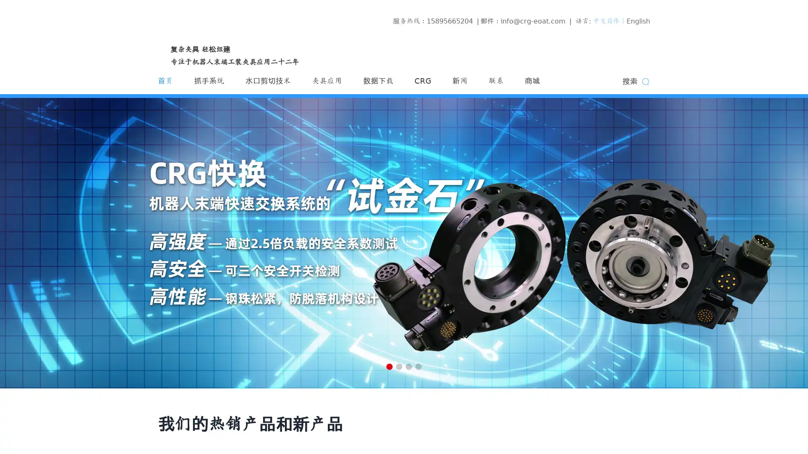 This screenshot has width=808, height=454. I want to click on Go to slide 4, so click(418, 366).